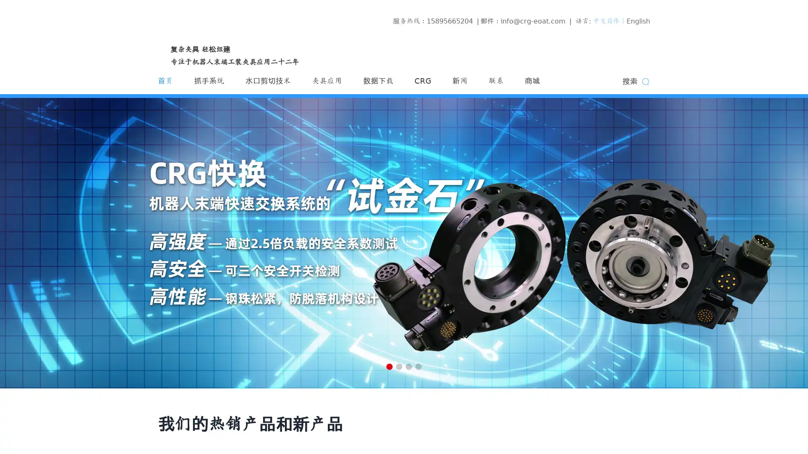 This screenshot has width=808, height=454. I want to click on Go to slide 4, so click(418, 366).